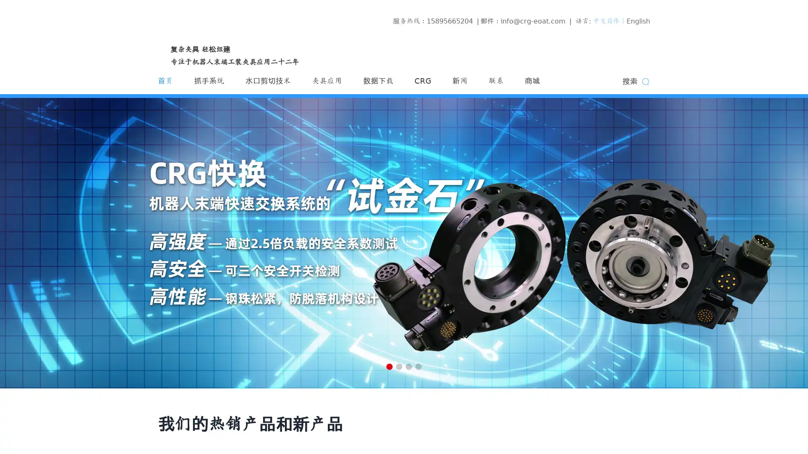 This screenshot has width=808, height=454. I want to click on Go to slide 4, so click(418, 366).